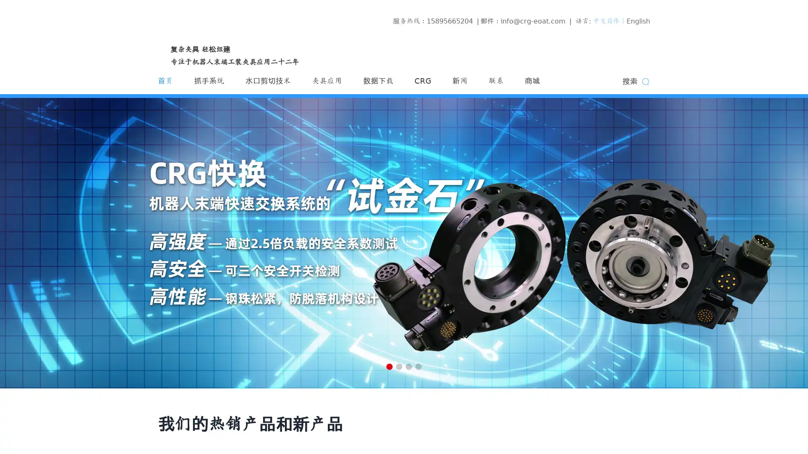 This screenshot has width=808, height=454. I want to click on Go to slide 4, so click(418, 366).